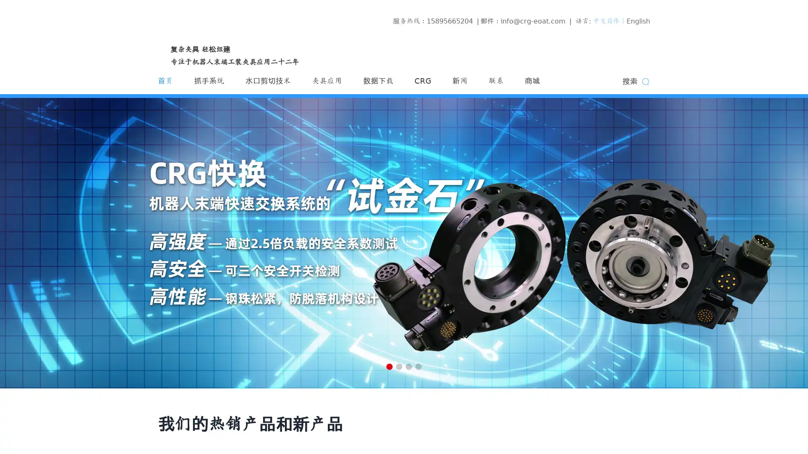 This screenshot has width=808, height=454. I want to click on Go to slide 4, so click(418, 366).